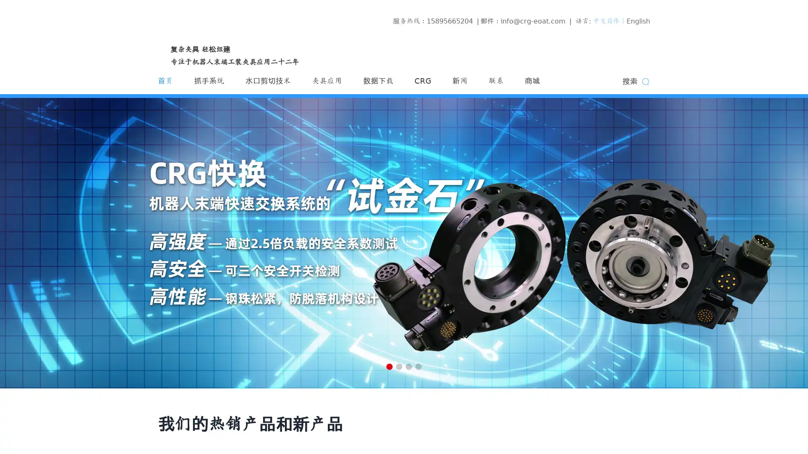 This screenshot has width=808, height=454. I want to click on Go to slide 4, so click(418, 366).